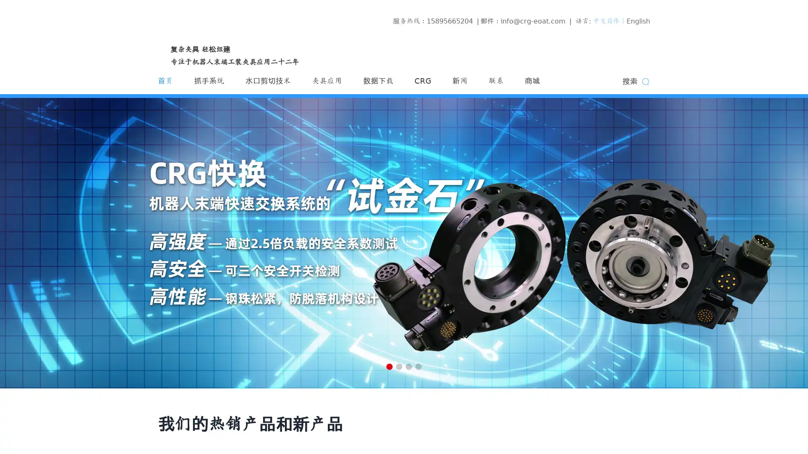 This screenshot has width=808, height=454. I want to click on Go to slide 4, so click(418, 366).